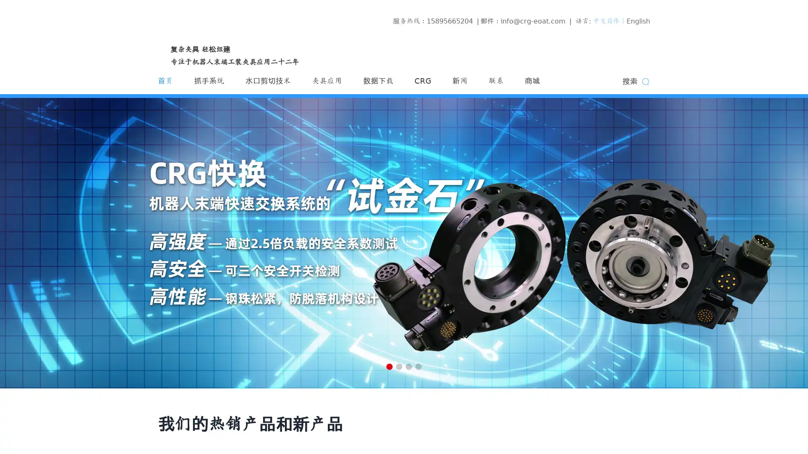 This screenshot has width=808, height=454. I want to click on Go to slide 4, so click(418, 366).